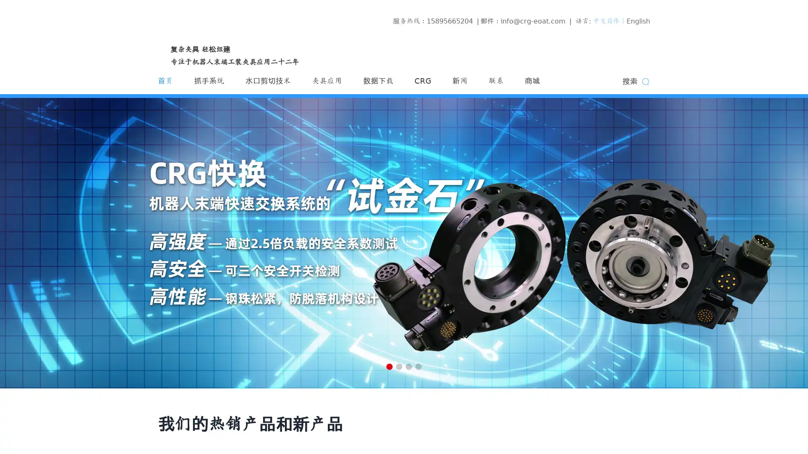 This screenshot has width=808, height=454. I want to click on Go to slide 4, so click(418, 366).